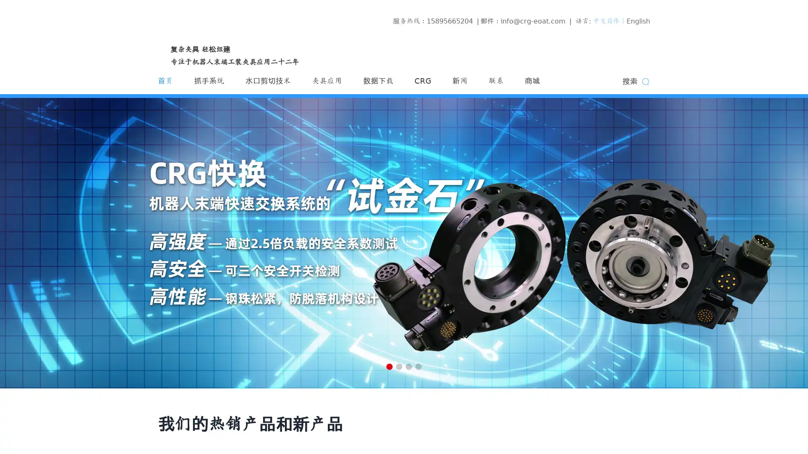 This screenshot has width=808, height=454. I want to click on Go to slide 4, so click(418, 366).